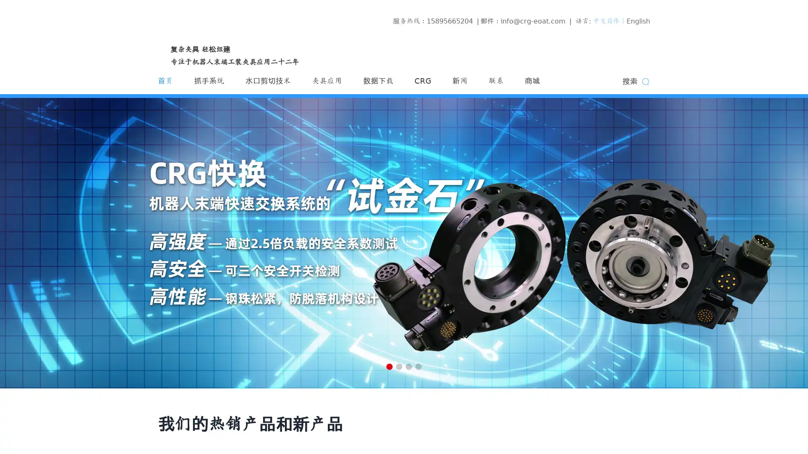 This screenshot has width=808, height=454. I want to click on Go to slide 4, so click(418, 366).